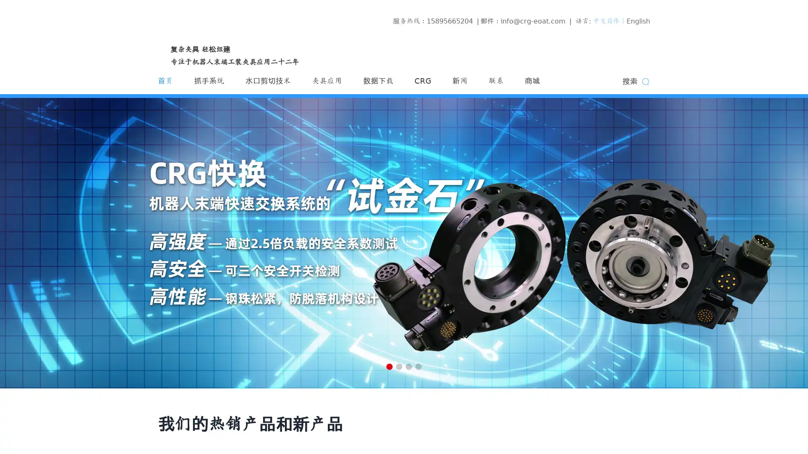 This screenshot has width=808, height=454. I want to click on Go to slide 4, so click(418, 366).